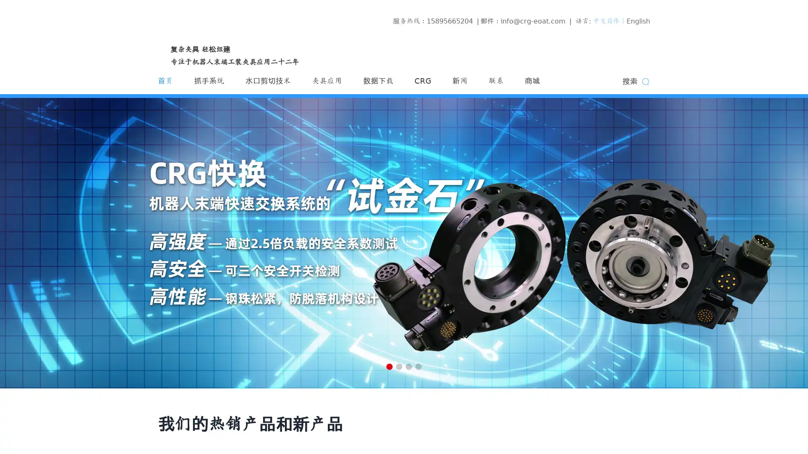 This screenshot has width=808, height=454. I want to click on Go to slide 4, so click(418, 366).